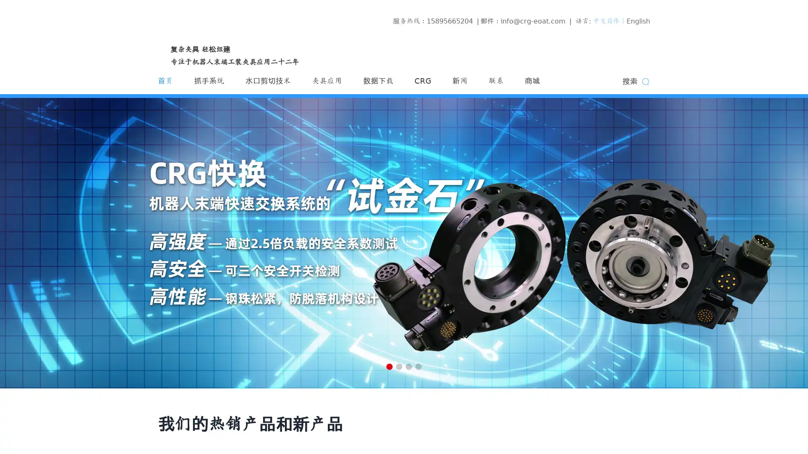 This screenshot has width=808, height=454. I want to click on Go to slide 4, so click(418, 366).